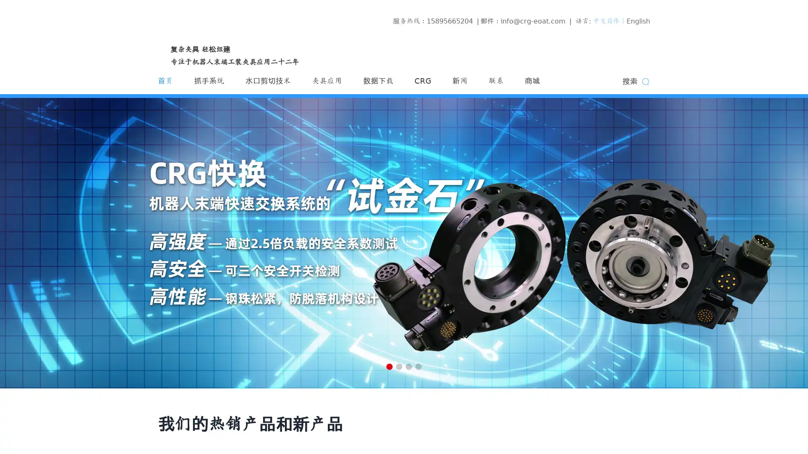 This screenshot has width=808, height=454. I want to click on Go to slide 4, so click(418, 366).